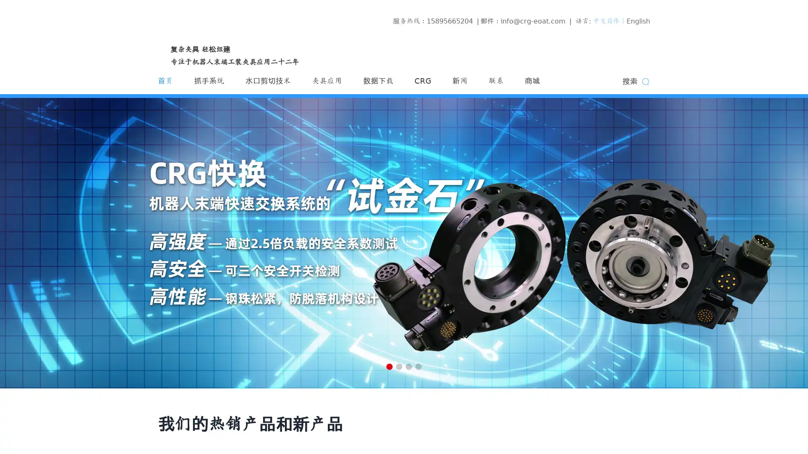 This screenshot has width=808, height=454. I want to click on Go to slide 4, so click(418, 366).